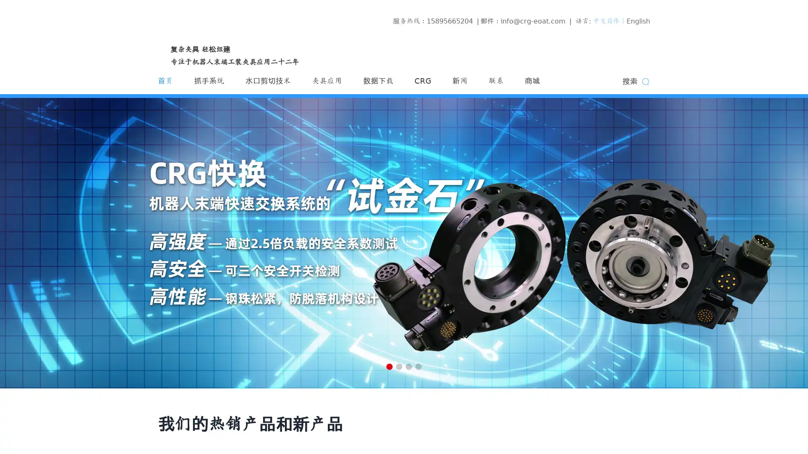 This screenshot has width=808, height=454. I want to click on Go to slide 4, so click(418, 366).